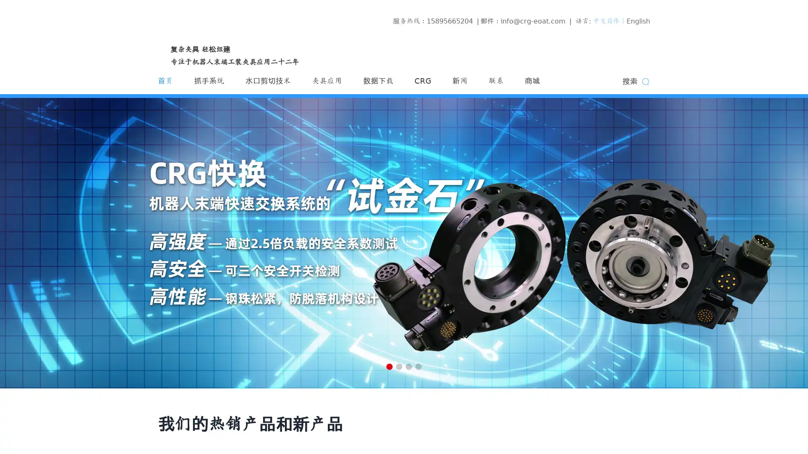 This screenshot has width=808, height=454. I want to click on Go to slide 4, so click(418, 366).